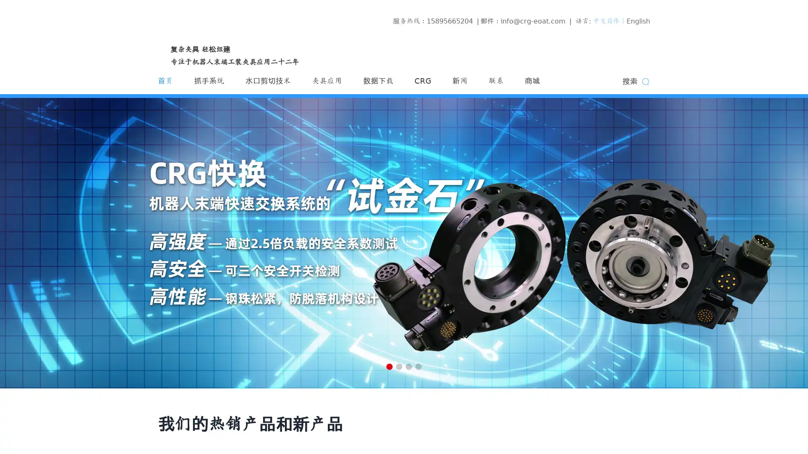 This screenshot has width=808, height=454. I want to click on Go to slide 4, so click(418, 366).